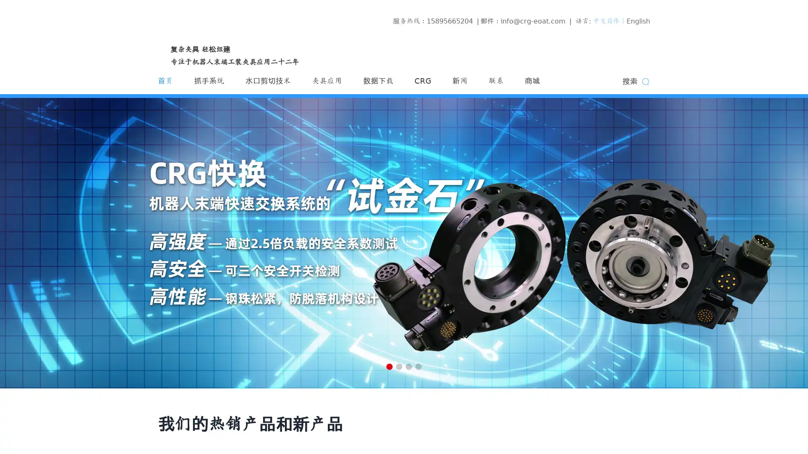 This screenshot has width=808, height=454. I want to click on Go to slide 4, so click(418, 366).